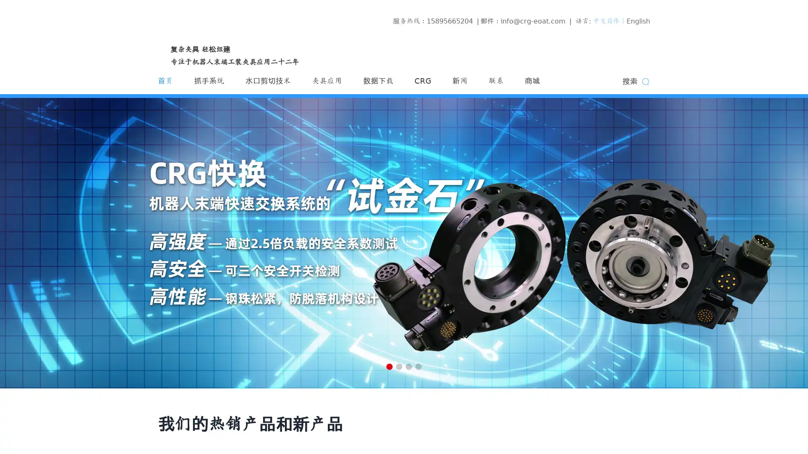 This screenshot has width=808, height=454. I want to click on Go to slide 4, so click(418, 366).